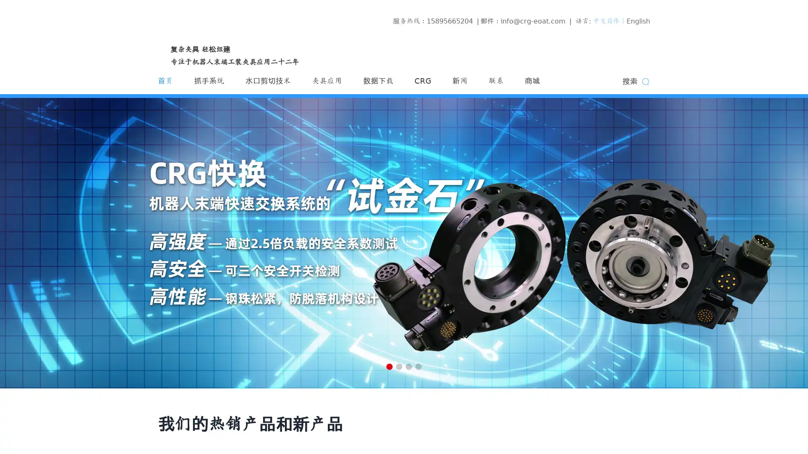 This screenshot has width=808, height=454. I want to click on Go to slide 4, so click(418, 366).